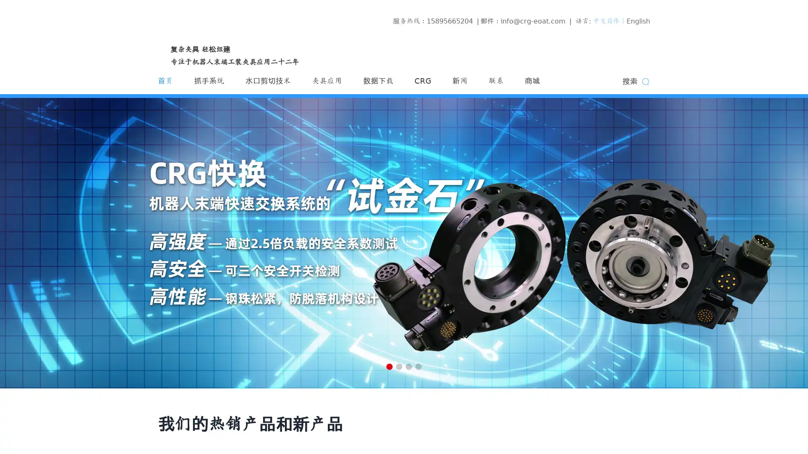 This screenshot has width=808, height=454. I want to click on Go to slide 4, so click(418, 366).